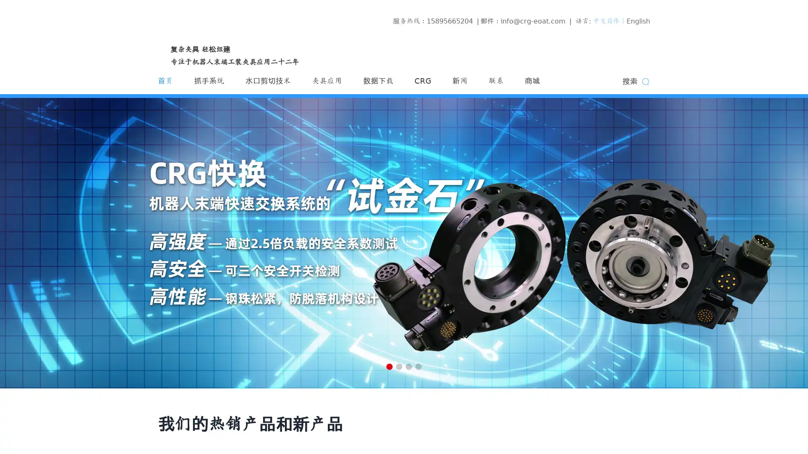 This screenshot has width=808, height=454. I want to click on Go to slide 4, so click(418, 366).